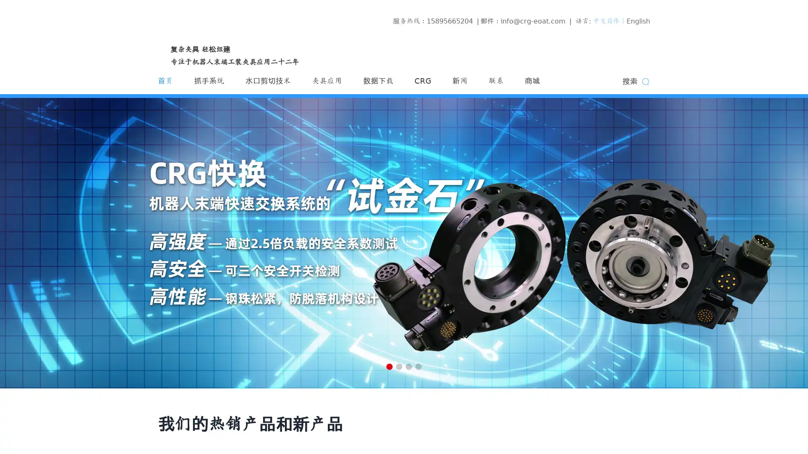 This screenshot has width=808, height=454. I want to click on Go to slide 4, so click(418, 366).